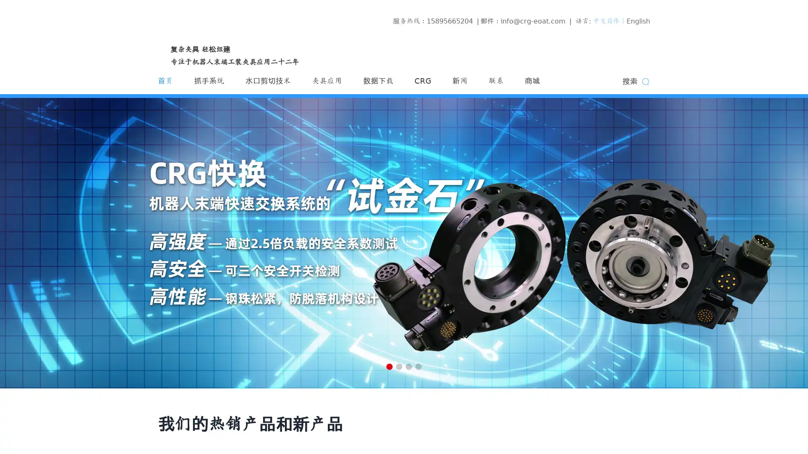 This screenshot has width=808, height=454. I want to click on Go to slide 4, so click(418, 366).